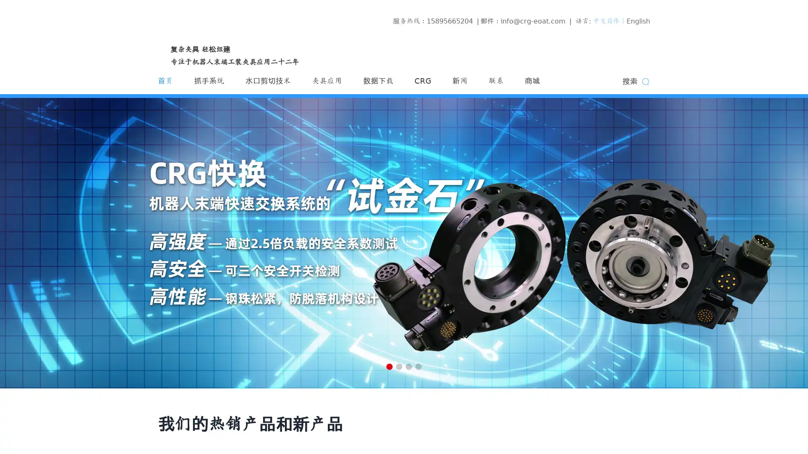 This screenshot has width=808, height=454. I want to click on Go to slide 4, so click(418, 366).